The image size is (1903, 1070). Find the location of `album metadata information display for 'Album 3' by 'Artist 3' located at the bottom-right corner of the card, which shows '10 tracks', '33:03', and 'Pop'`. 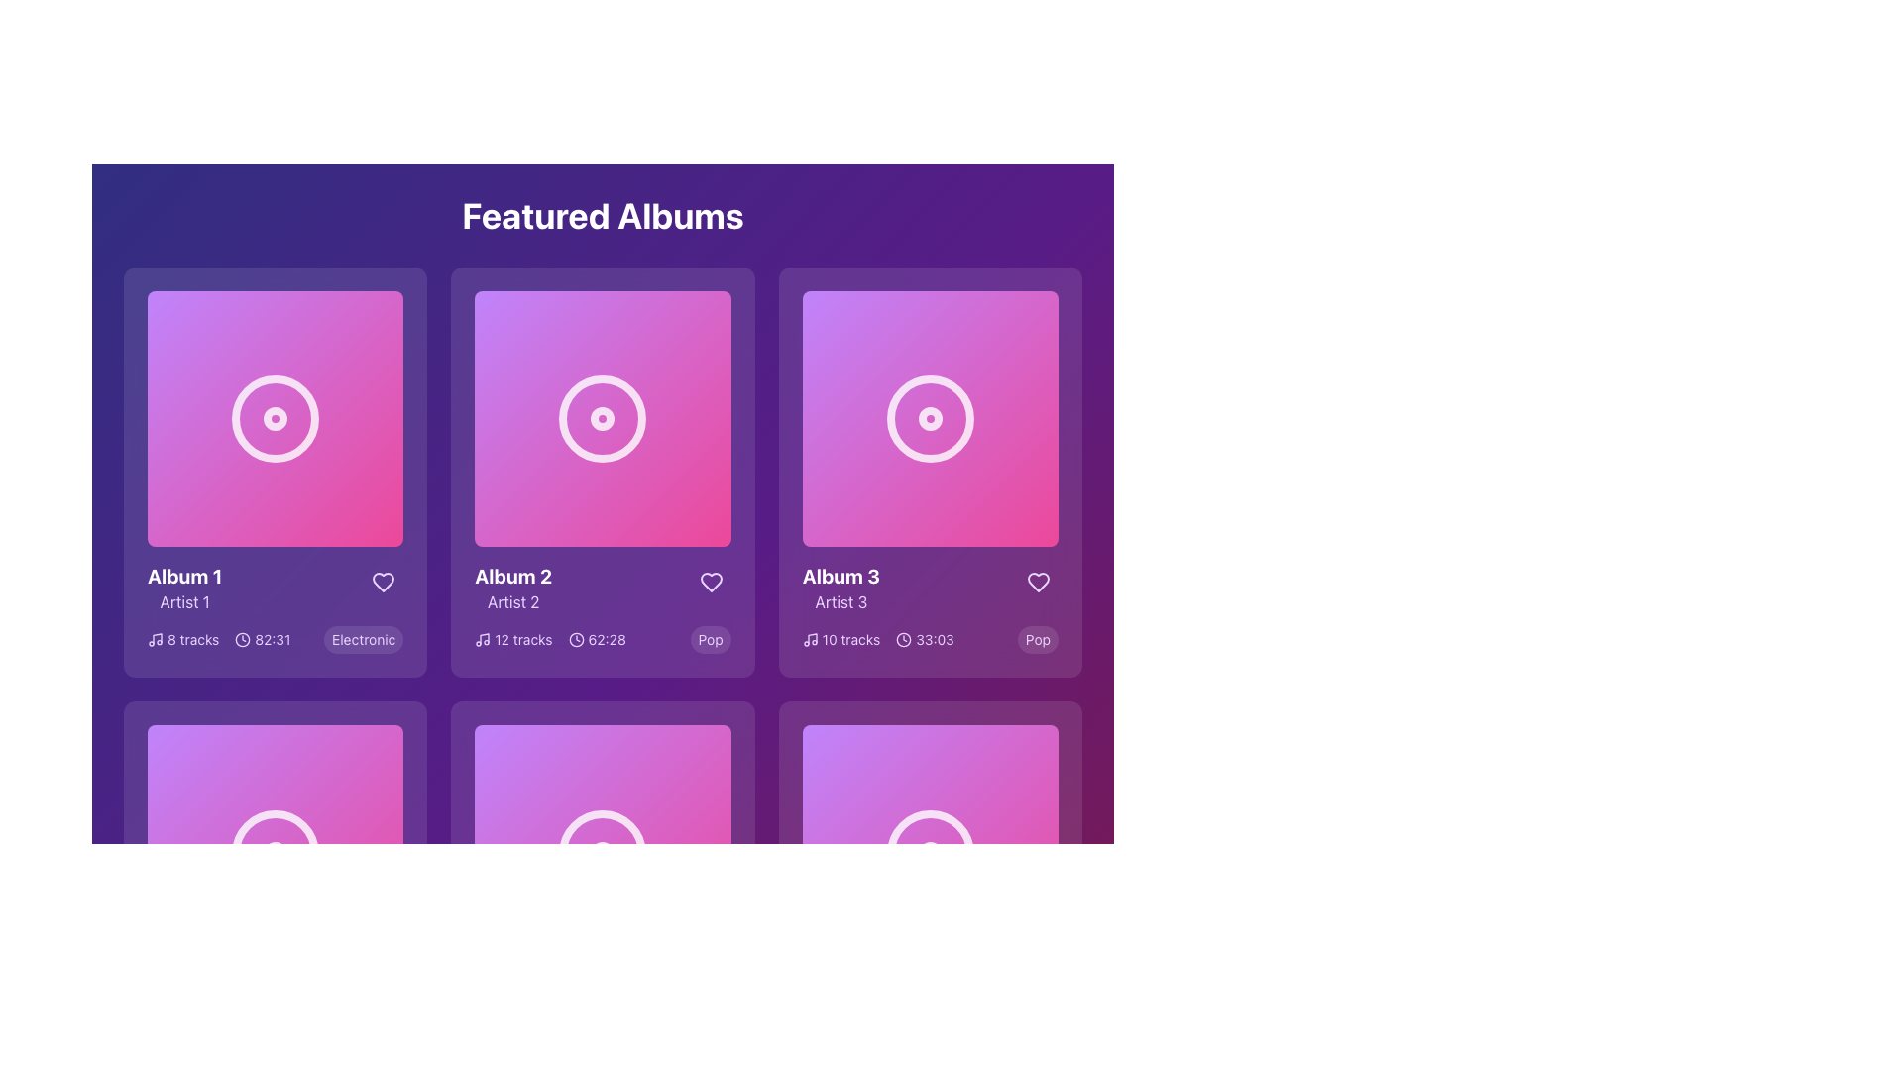

album metadata information display for 'Album 3' by 'Artist 3' located at the bottom-right corner of the card, which shows '10 tracks', '33:03', and 'Pop' is located at coordinates (929, 640).